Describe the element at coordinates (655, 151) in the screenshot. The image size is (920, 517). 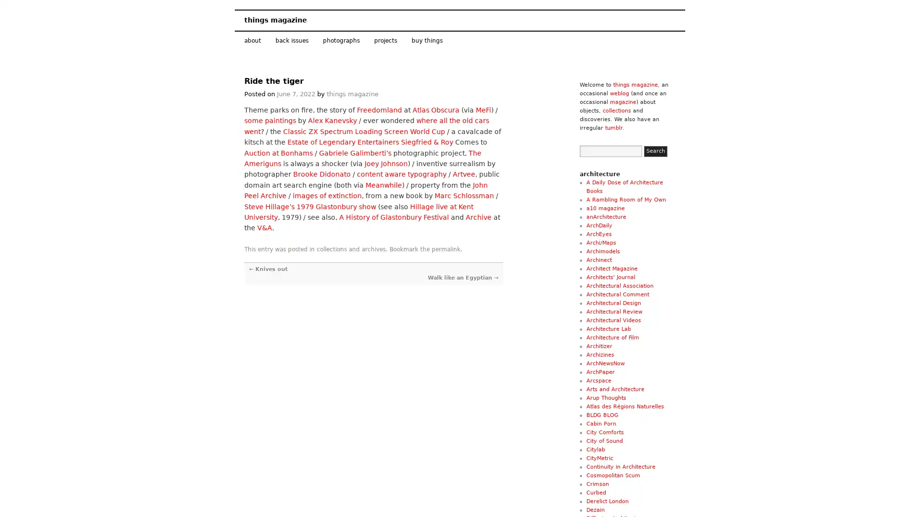
I see `Search` at that location.